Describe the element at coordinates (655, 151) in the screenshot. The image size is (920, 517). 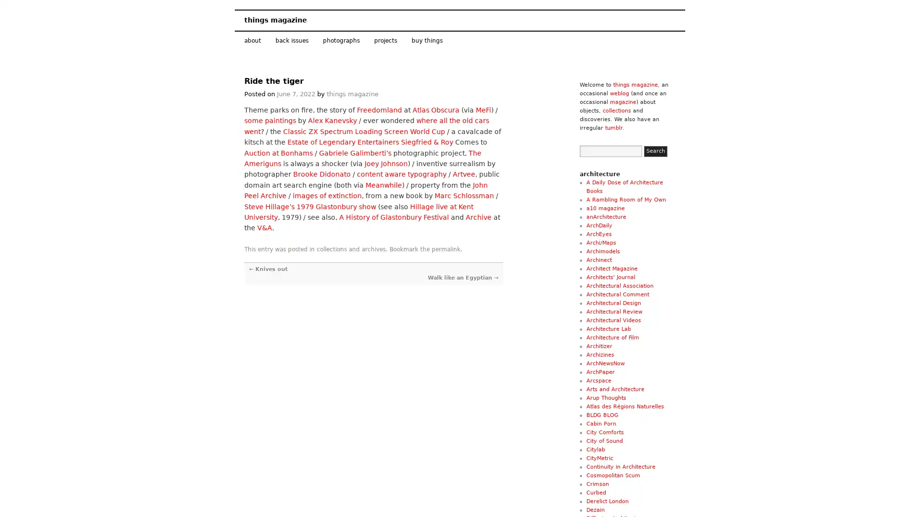
I see `Search` at that location.